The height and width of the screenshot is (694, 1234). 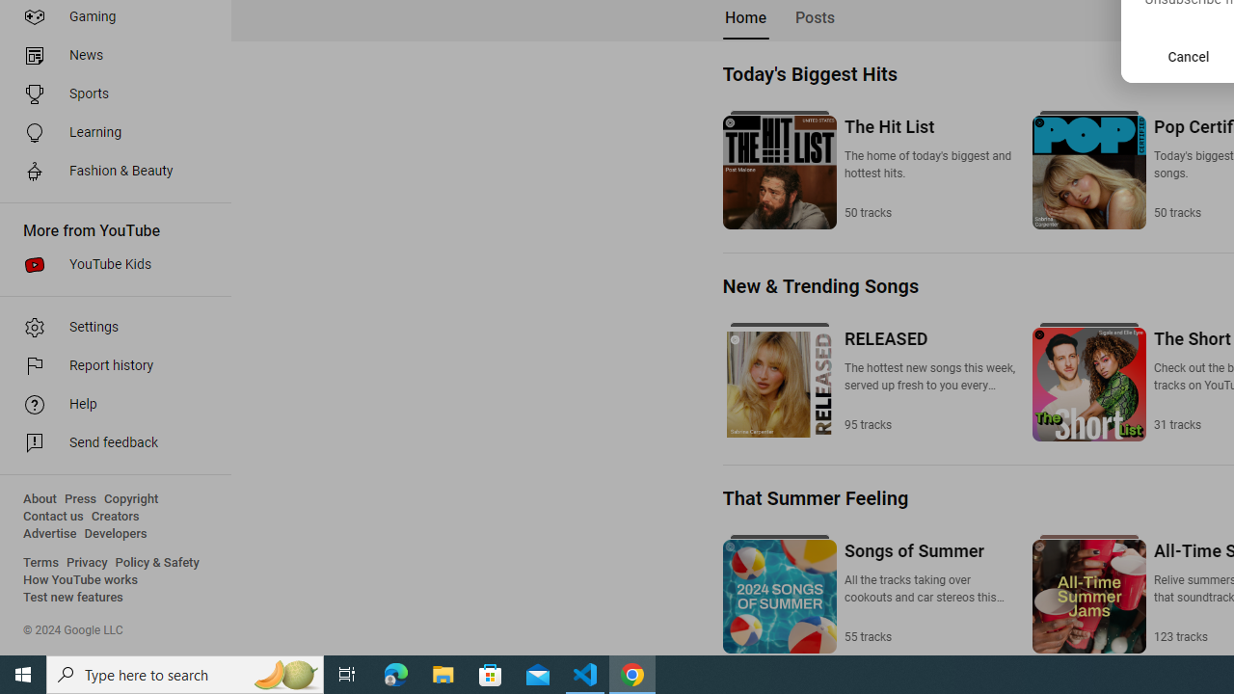 I want to click on 'Test new features', so click(x=73, y=597).